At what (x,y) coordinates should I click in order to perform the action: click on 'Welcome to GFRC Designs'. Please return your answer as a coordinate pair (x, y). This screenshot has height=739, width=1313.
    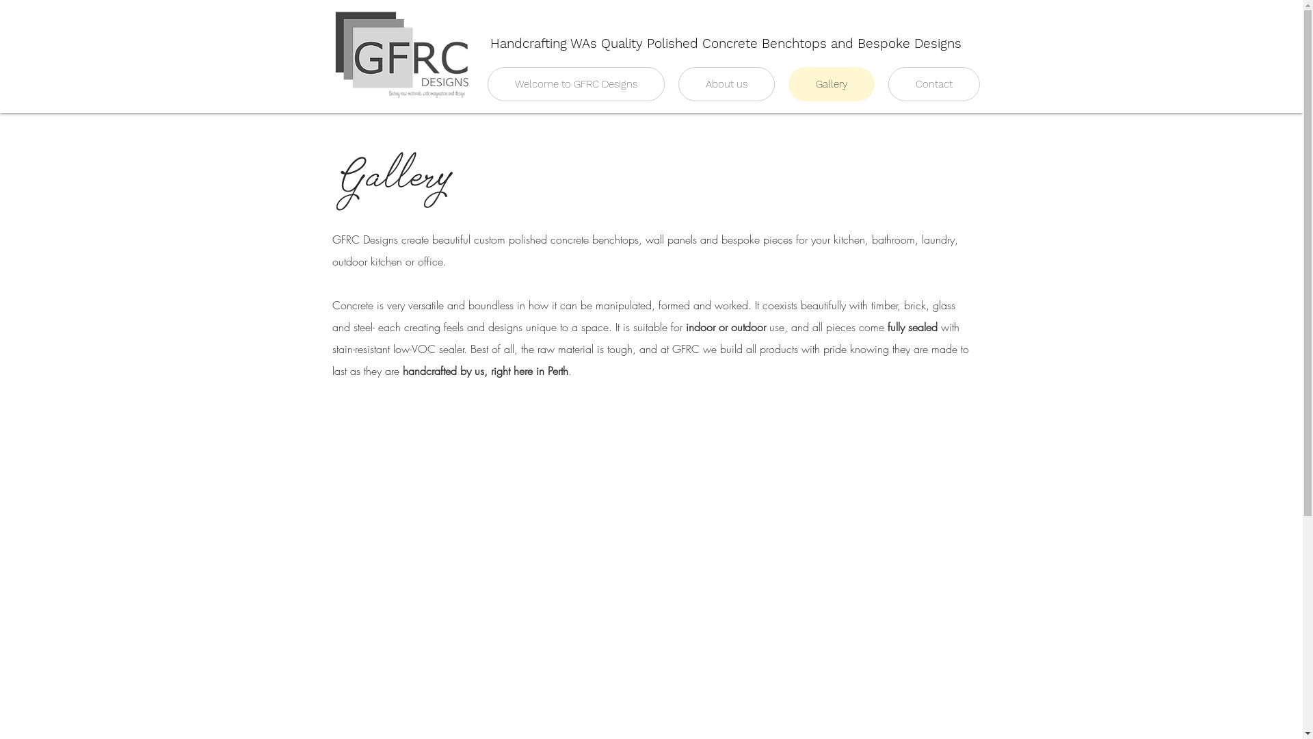
    Looking at the image, I should click on (486, 84).